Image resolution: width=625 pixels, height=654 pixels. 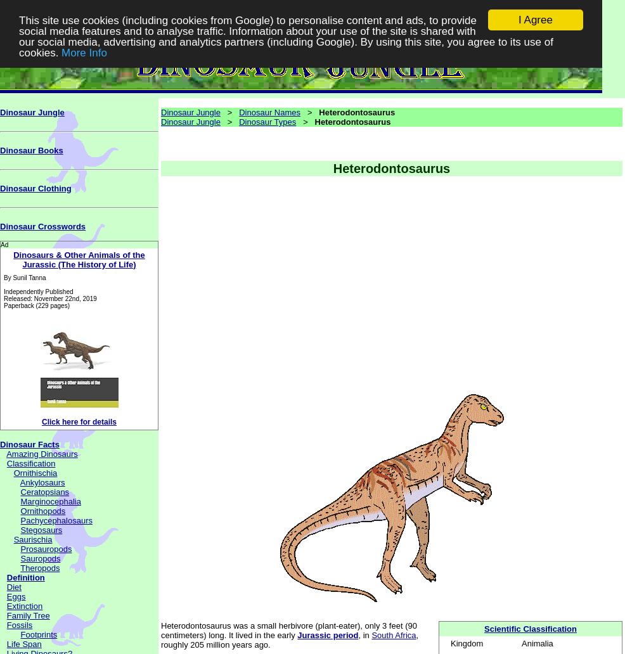 What do you see at coordinates (18, 35) in the screenshot?
I see `'This site use cookies (including cookies from Google) to personalise content and ads, to provide social media features and to analyse traffic. Information about your use of the site is shared with our social media, advertising and analytics partners (including Google). By using this site, you agree to its use of cookies.'` at bounding box center [18, 35].